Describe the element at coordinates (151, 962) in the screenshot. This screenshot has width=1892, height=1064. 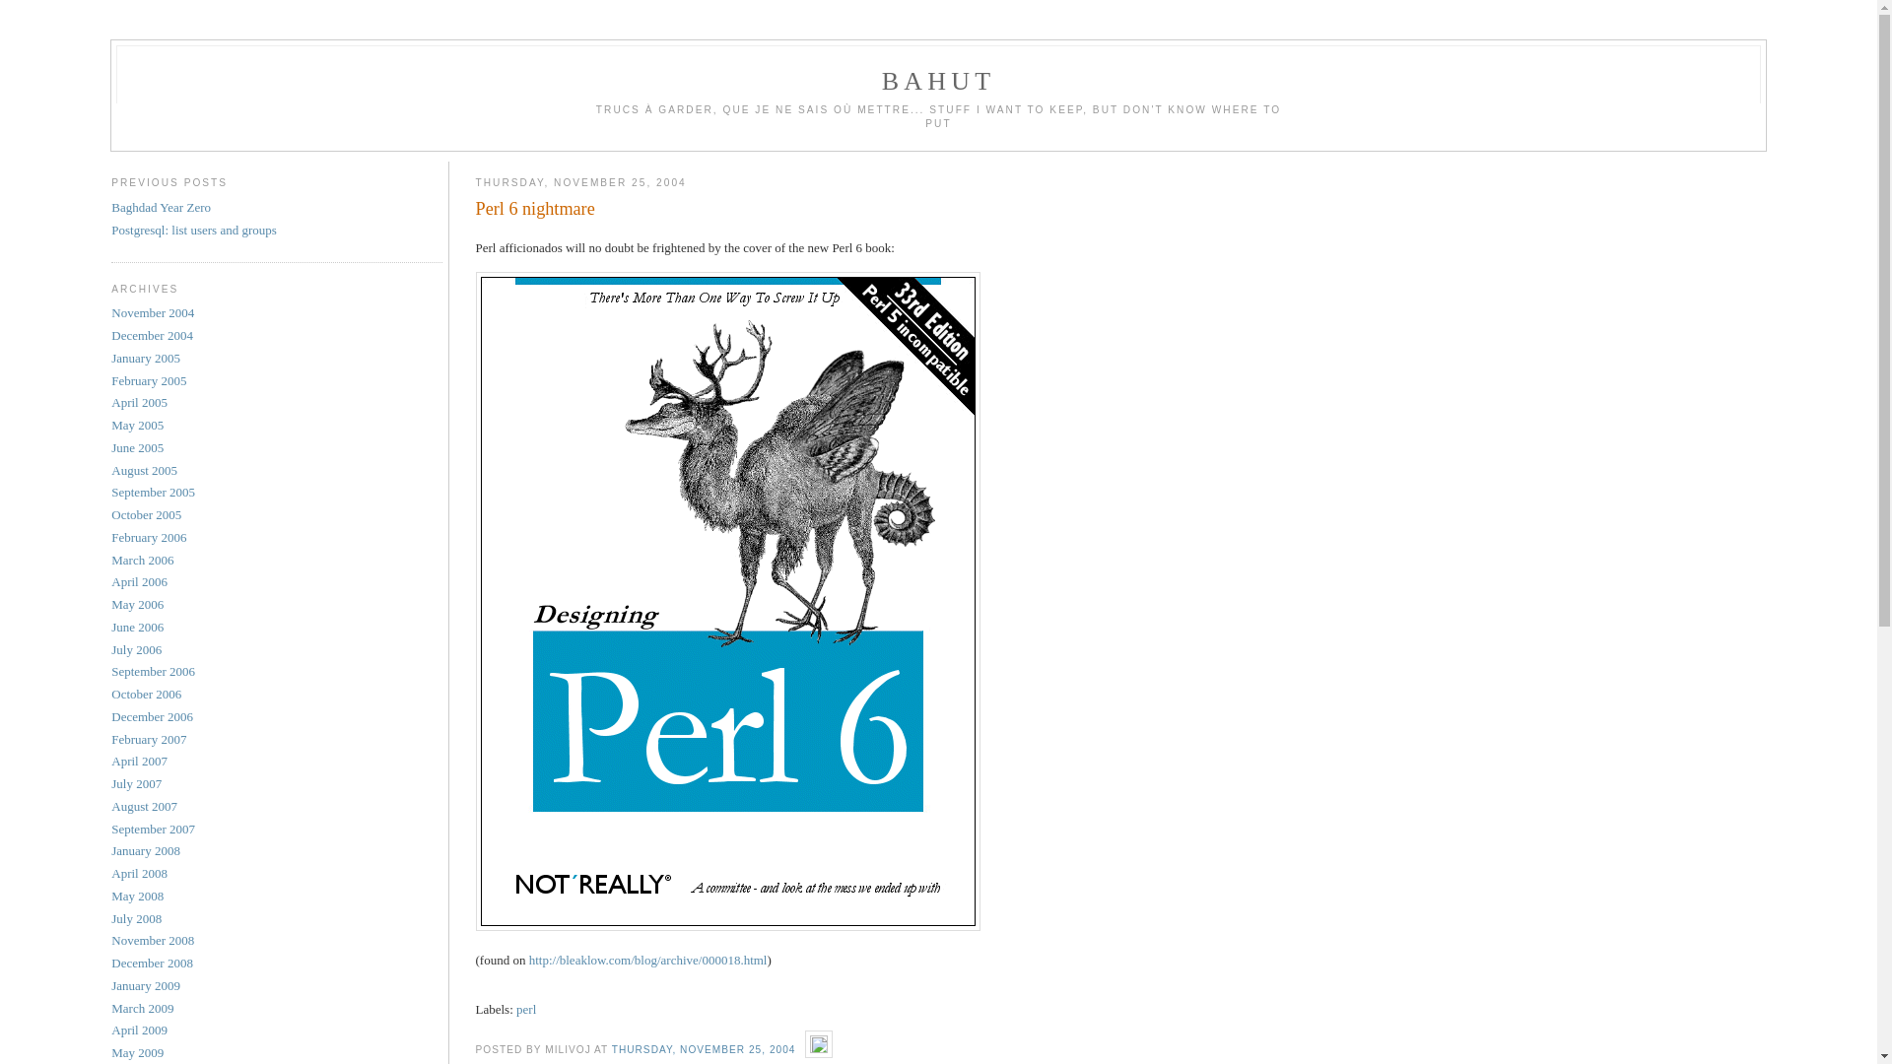
I see `'December 2008'` at that location.